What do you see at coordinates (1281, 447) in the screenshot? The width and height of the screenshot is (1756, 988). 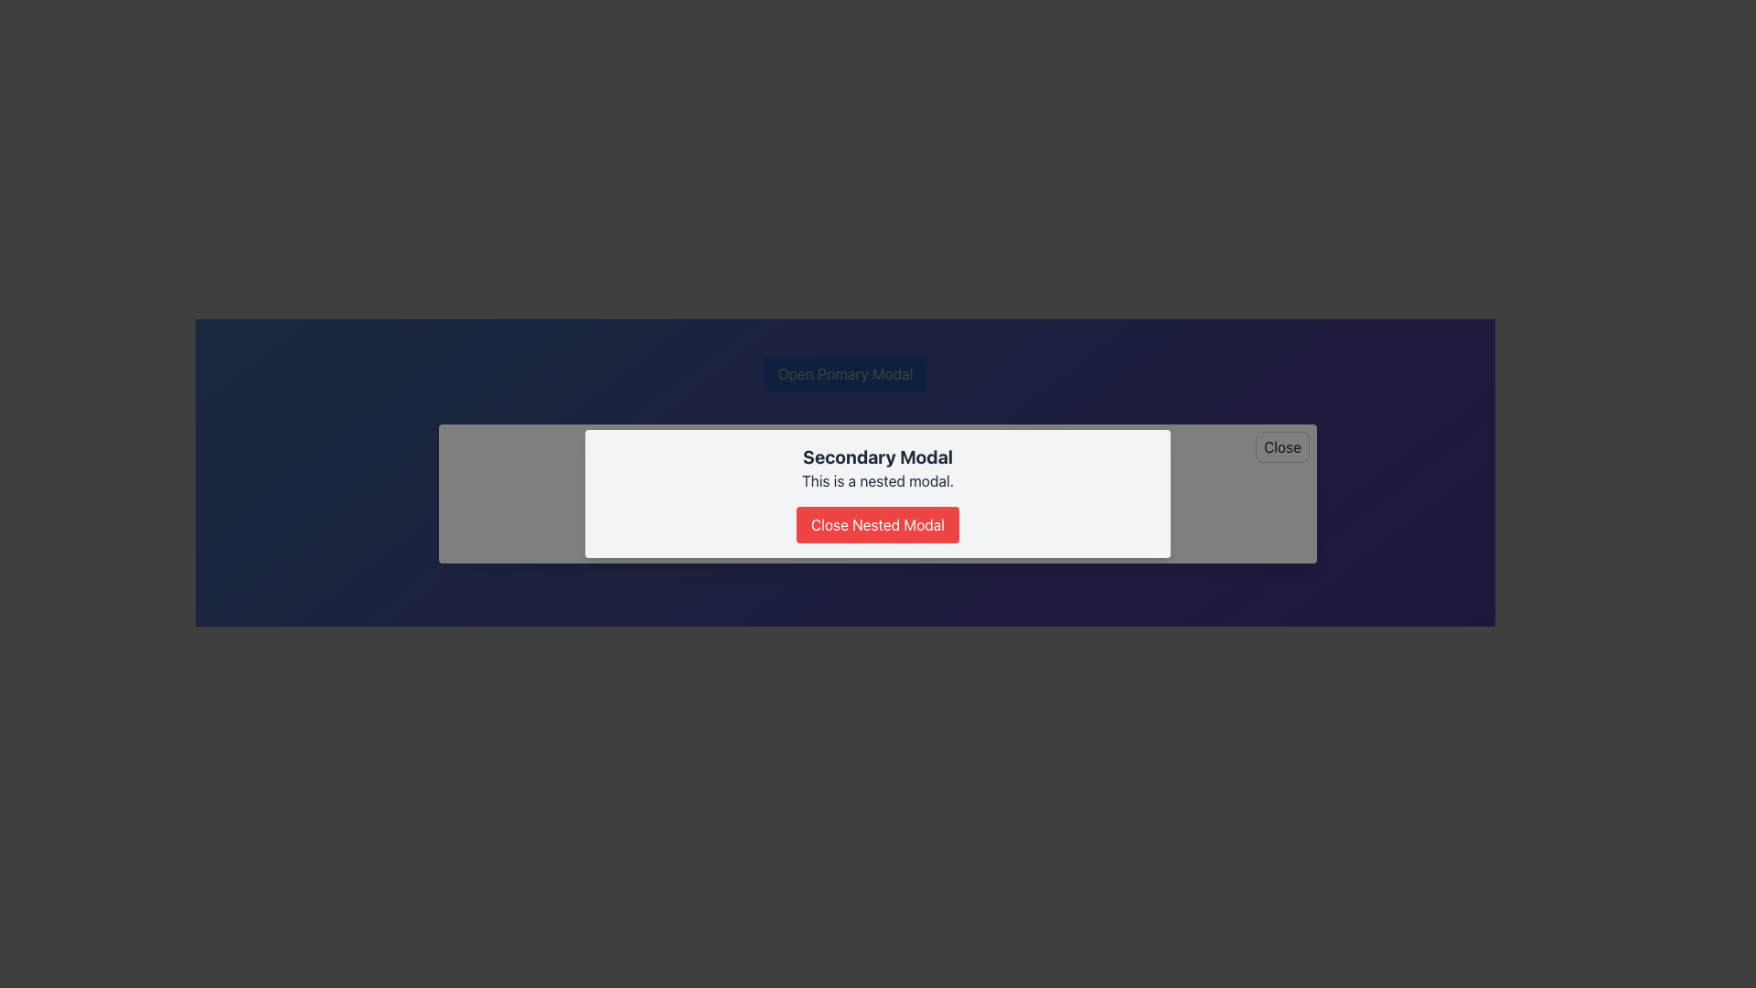 I see `the close button located in the top-right corner of the modal` at bounding box center [1281, 447].